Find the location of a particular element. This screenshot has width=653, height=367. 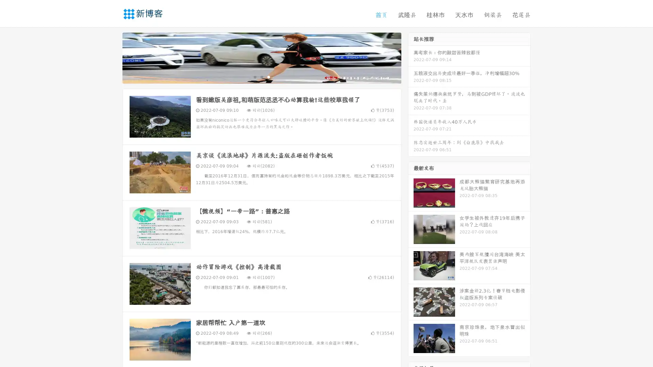

Go to slide 3 is located at coordinates (268, 76).